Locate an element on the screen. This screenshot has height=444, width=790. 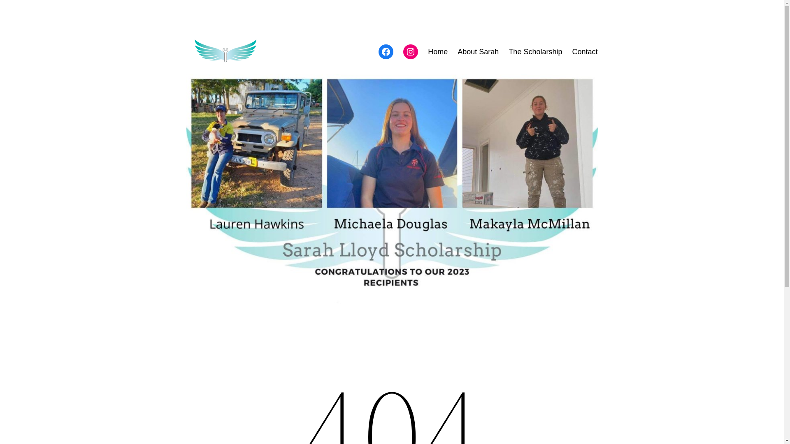
'About Sarah' is located at coordinates (457, 52).